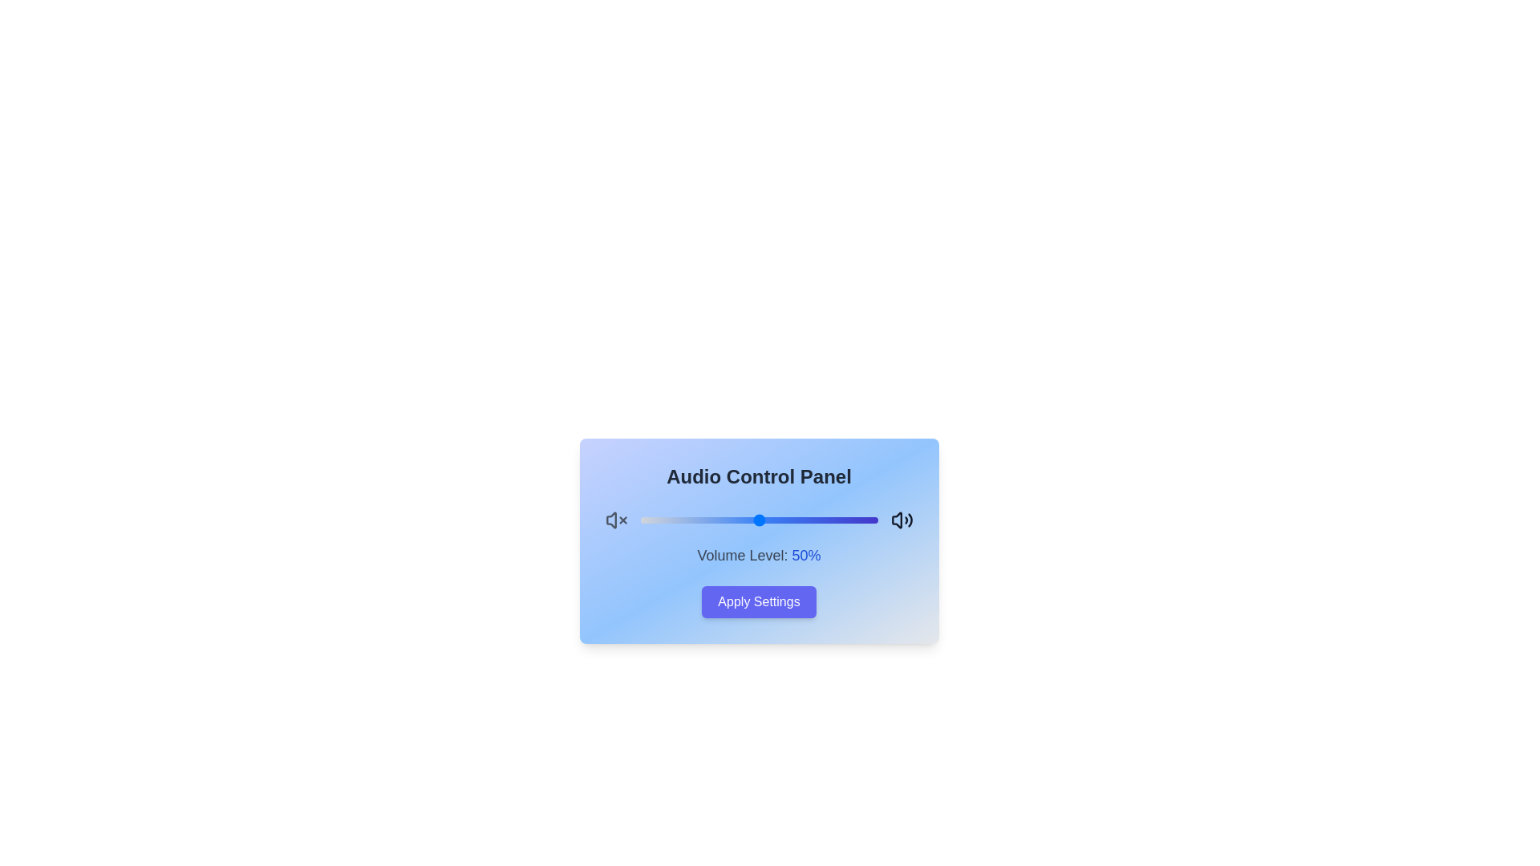 This screenshot has width=1540, height=866. I want to click on the volume slider to set the volume to 72%, so click(811, 520).